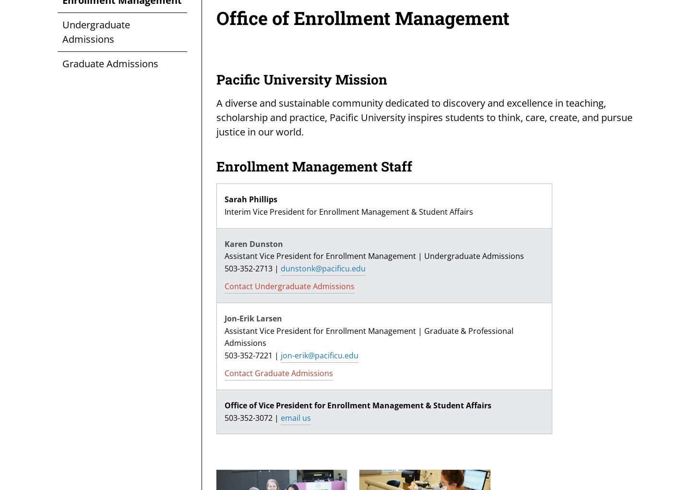  What do you see at coordinates (252, 355) in the screenshot?
I see `'503-352-7221 |'` at bounding box center [252, 355].